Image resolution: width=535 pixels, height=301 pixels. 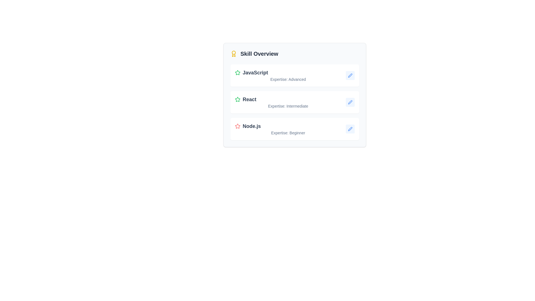 I want to click on the decorative badge icon located to the left of the 'Skill Overview' text, which emphasizes the title and represents achievements related to the skills listed, so click(x=234, y=54).